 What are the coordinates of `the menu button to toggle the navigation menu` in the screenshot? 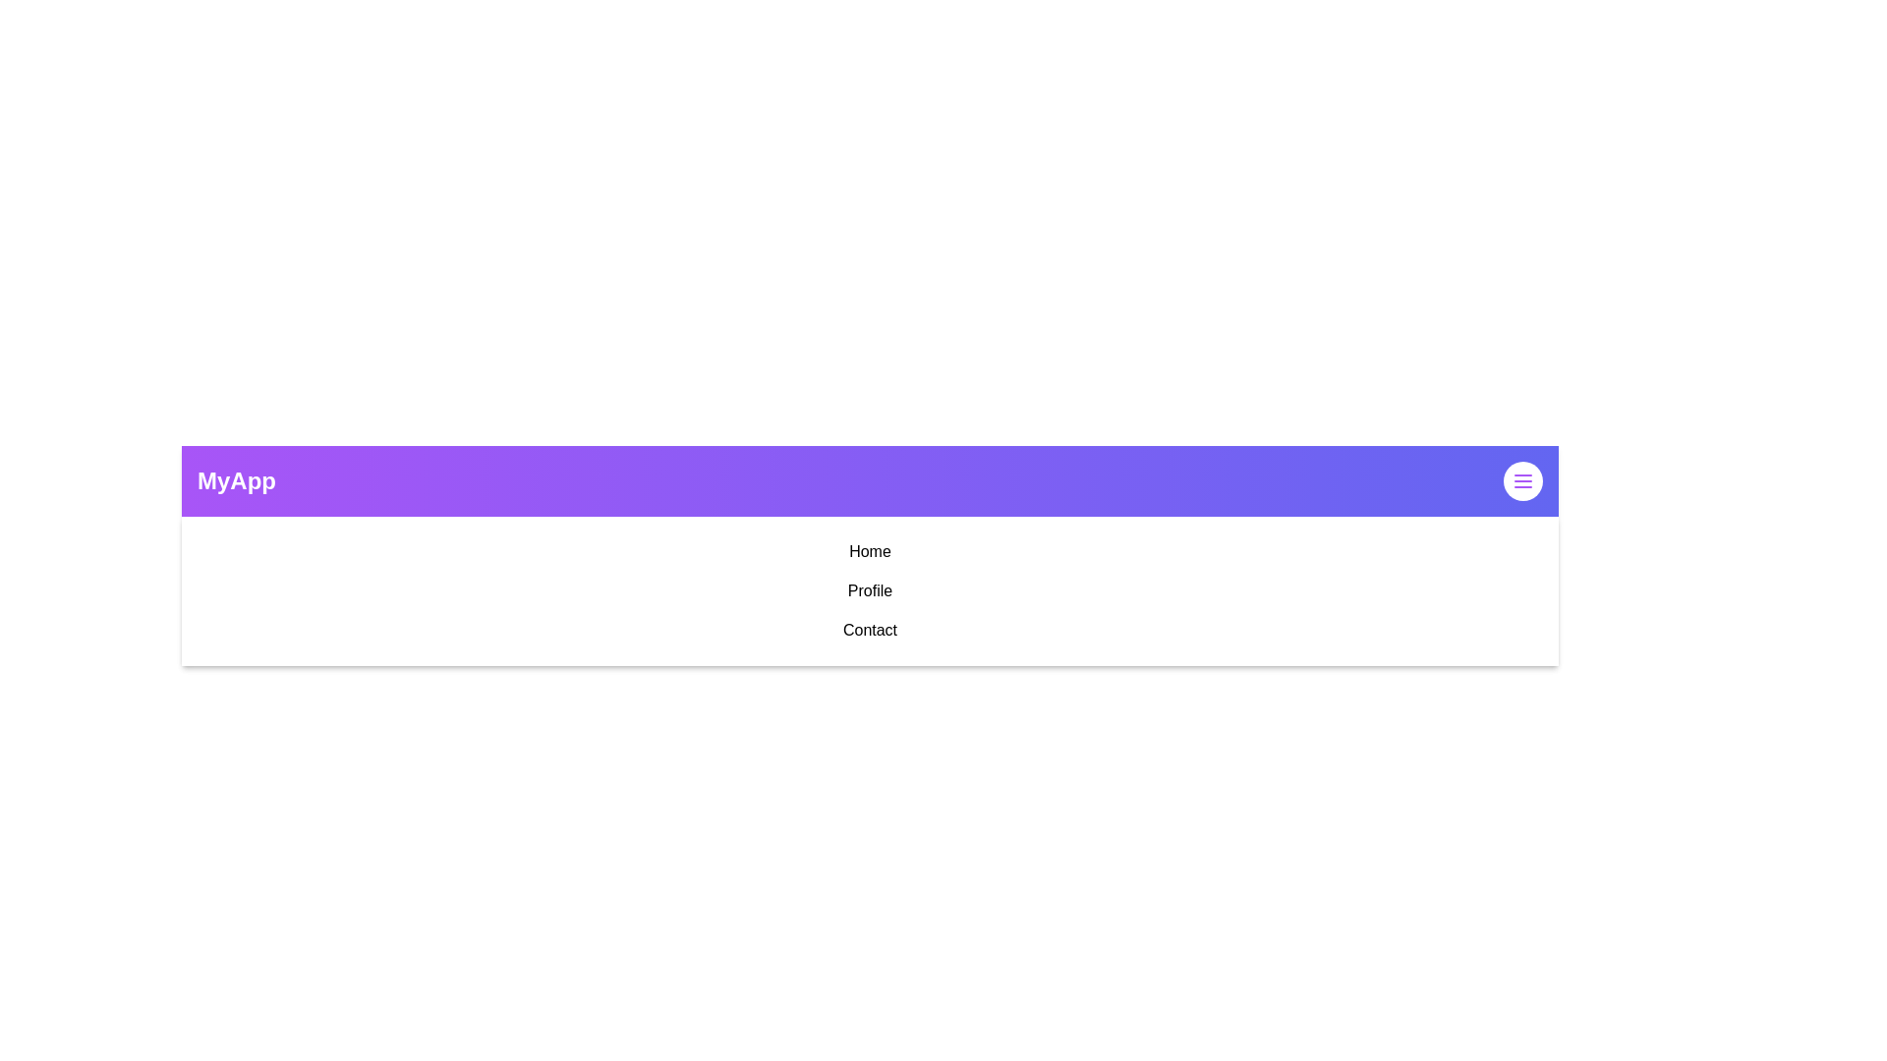 It's located at (1522, 480).